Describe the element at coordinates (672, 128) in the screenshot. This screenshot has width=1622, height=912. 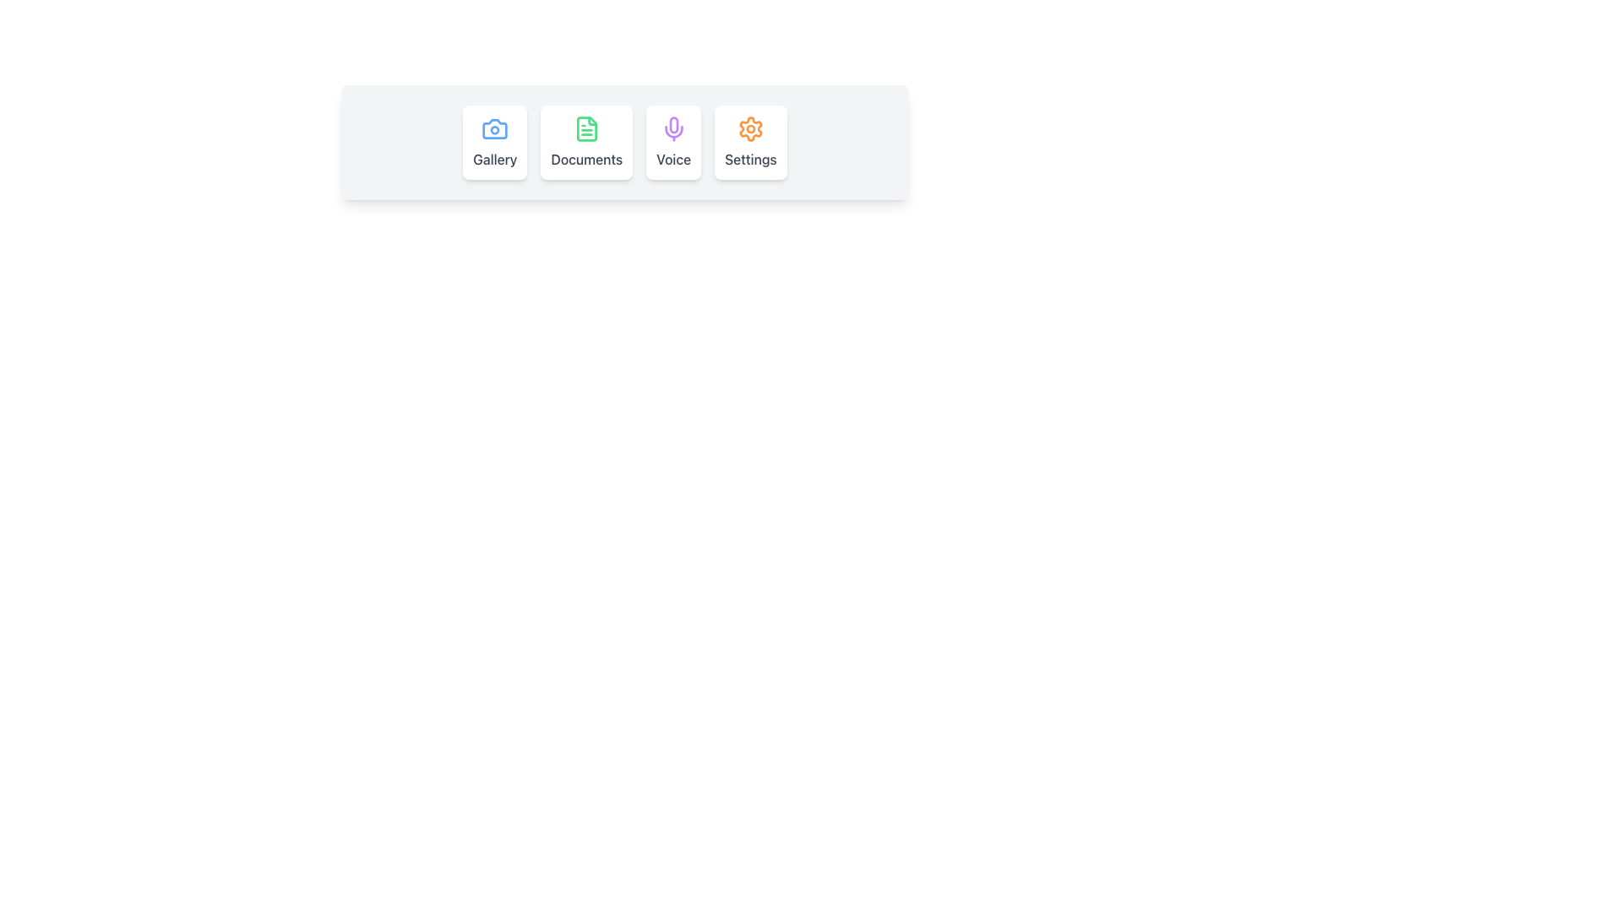
I see `the purple microphone icon located in the 'Voice' card, which is the third card in a set of four options` at that location.